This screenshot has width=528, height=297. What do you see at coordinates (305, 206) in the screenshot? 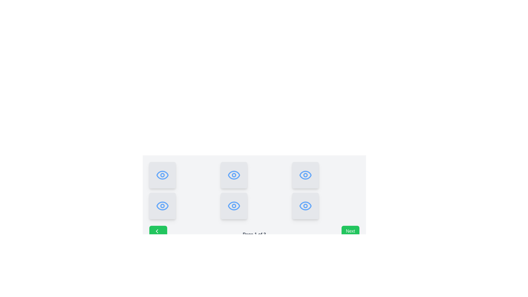
I see `the larger elliptical outline section of the eye icon, which has a blue outline and is located in the bottom-right tile of a 2x3 grid` at bounding box center [305, 206].